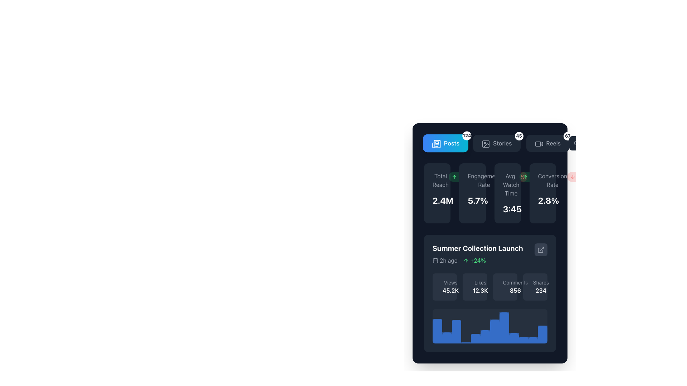 The image size is (687, 386). I want to click on the 'Likes' text display element, which shows '12.3K' in white on a dark-themed dashboard, located in the bottom half of the card labeled 'Summer Collection Launch', so click(480, 286).